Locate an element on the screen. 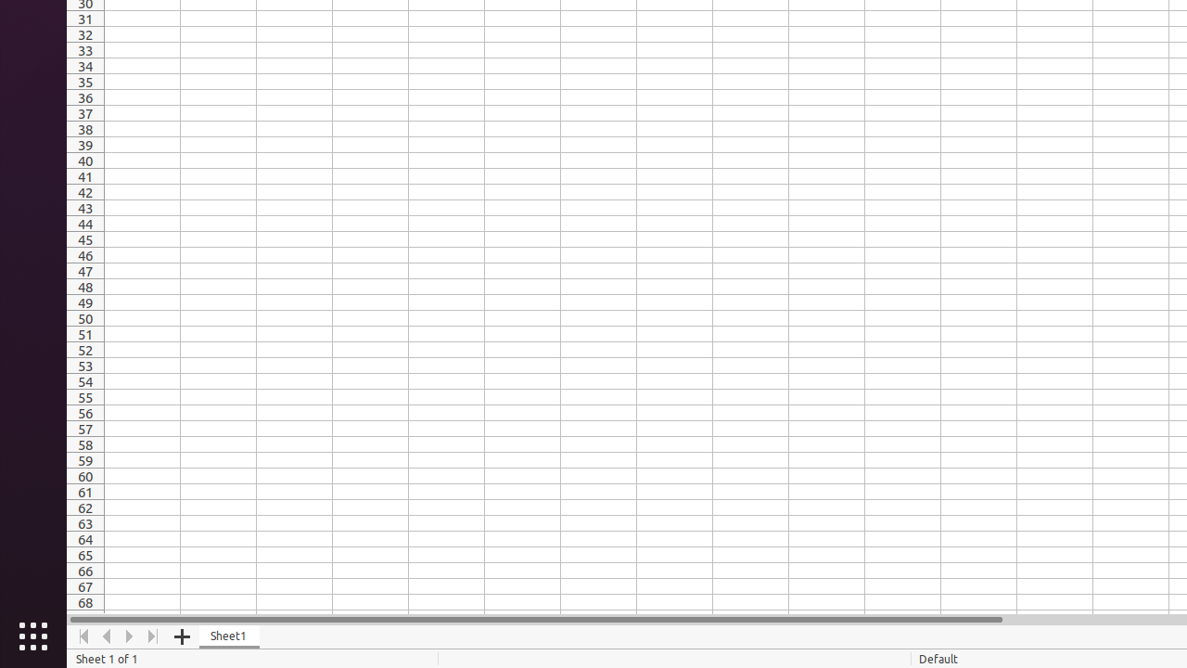 This screenshot has height=668, width=1187. 'Sheet1' is located at coordinates (228, 636).